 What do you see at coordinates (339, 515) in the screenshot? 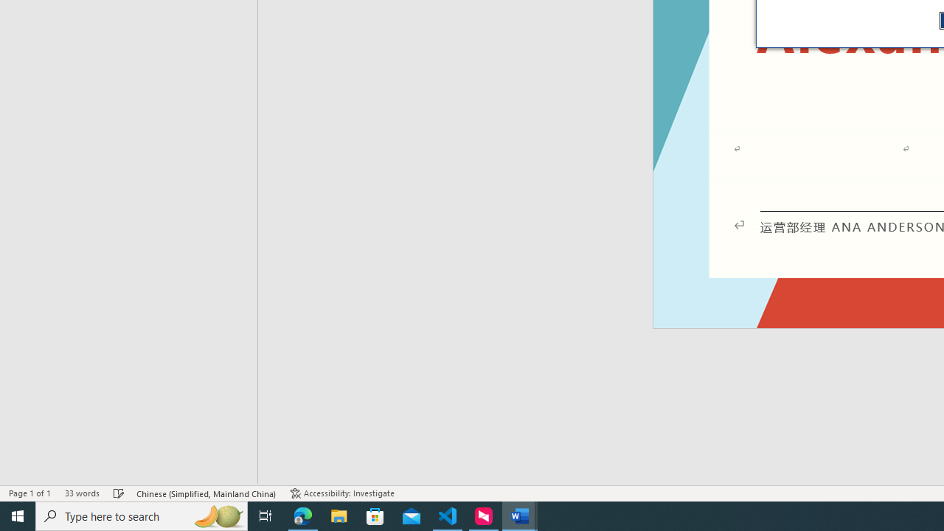
I see `'File Explorer'` at bounding box center [339, 515].